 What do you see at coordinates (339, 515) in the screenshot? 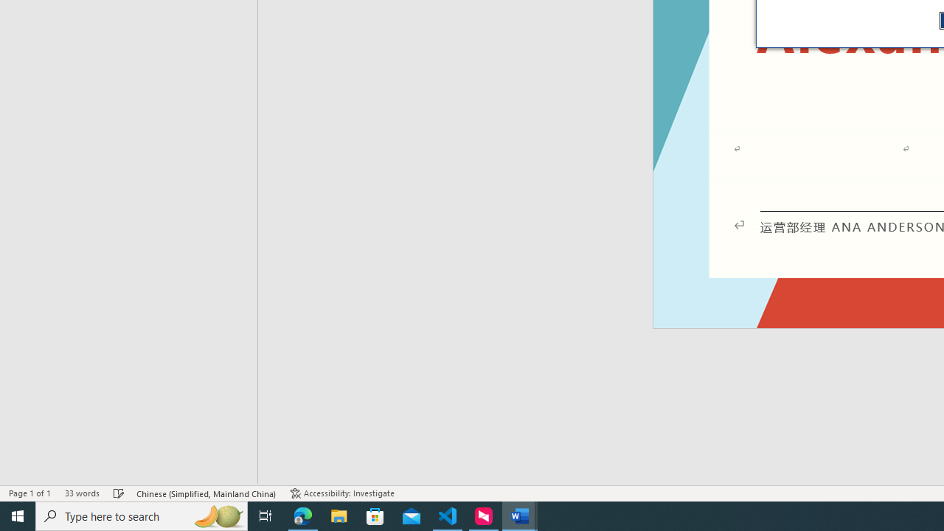
I see `'File Explorer'` at bounding box center [339, 515].